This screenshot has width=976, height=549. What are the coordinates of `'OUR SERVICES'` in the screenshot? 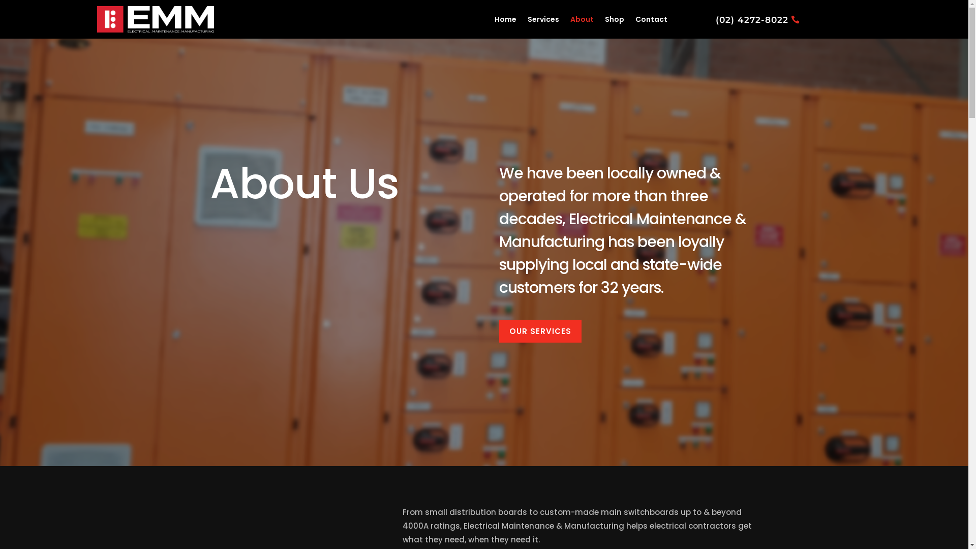 It's located at (499, 331).